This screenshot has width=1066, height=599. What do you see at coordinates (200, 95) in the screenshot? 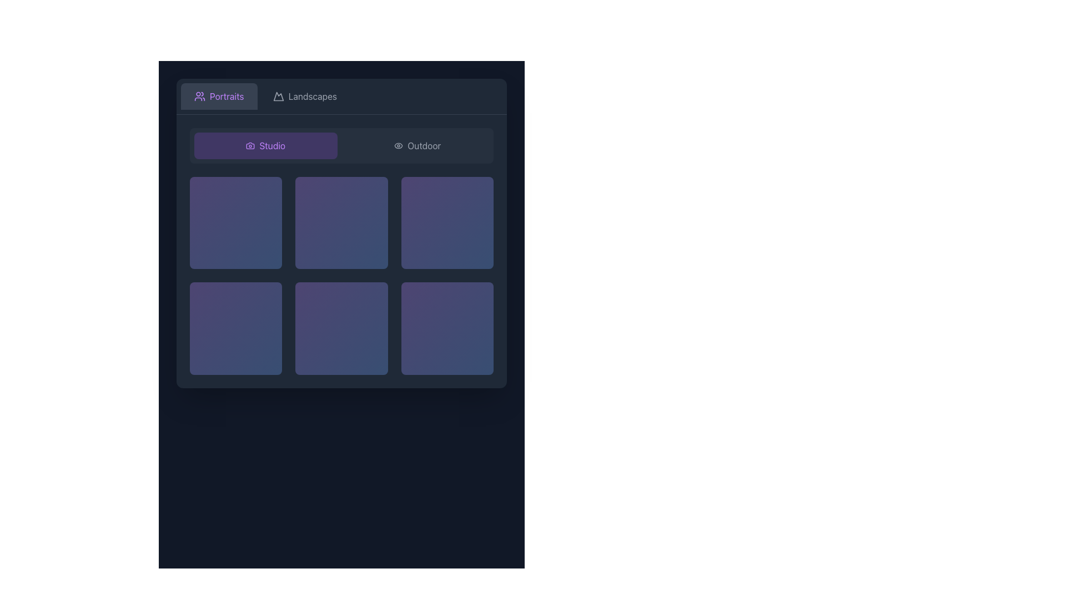
I see `the 'Portraits' category icon located to the left of the text 'Portraits' in the header tab, which is near the top-left corner of the interface` at bounding box center [200, 95].